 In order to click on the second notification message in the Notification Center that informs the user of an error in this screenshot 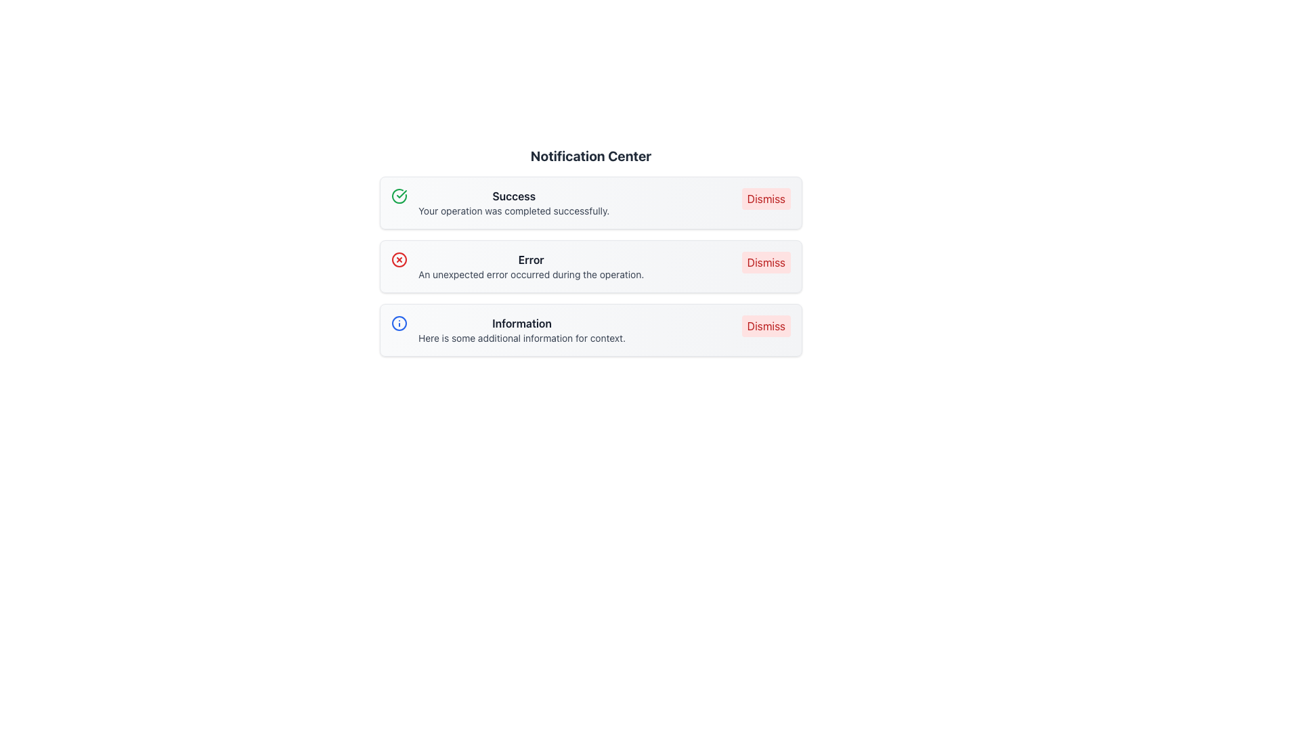, I will do `click(530, 266)`.